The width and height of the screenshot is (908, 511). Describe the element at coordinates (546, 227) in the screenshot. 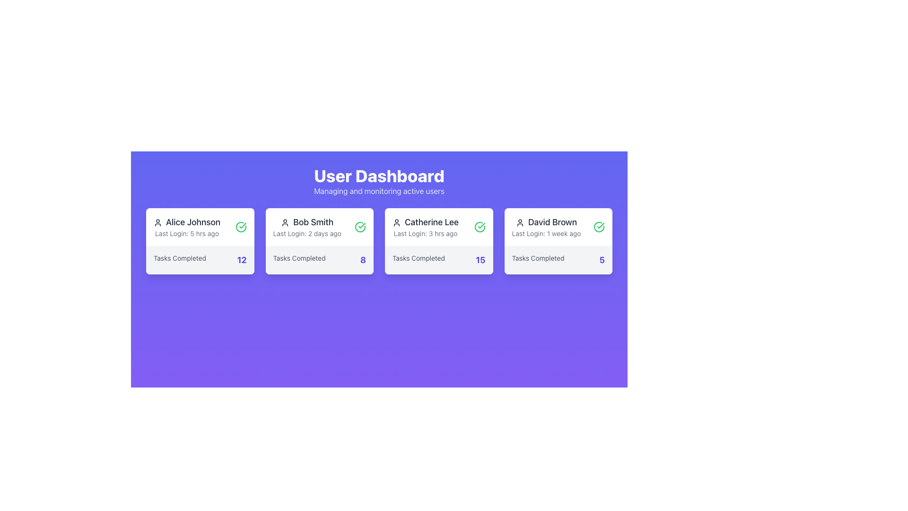

I see `user name and last login information displayed in the fourth user card on the dashboard, located at the upper part of the card, below the profile icon` at that location.